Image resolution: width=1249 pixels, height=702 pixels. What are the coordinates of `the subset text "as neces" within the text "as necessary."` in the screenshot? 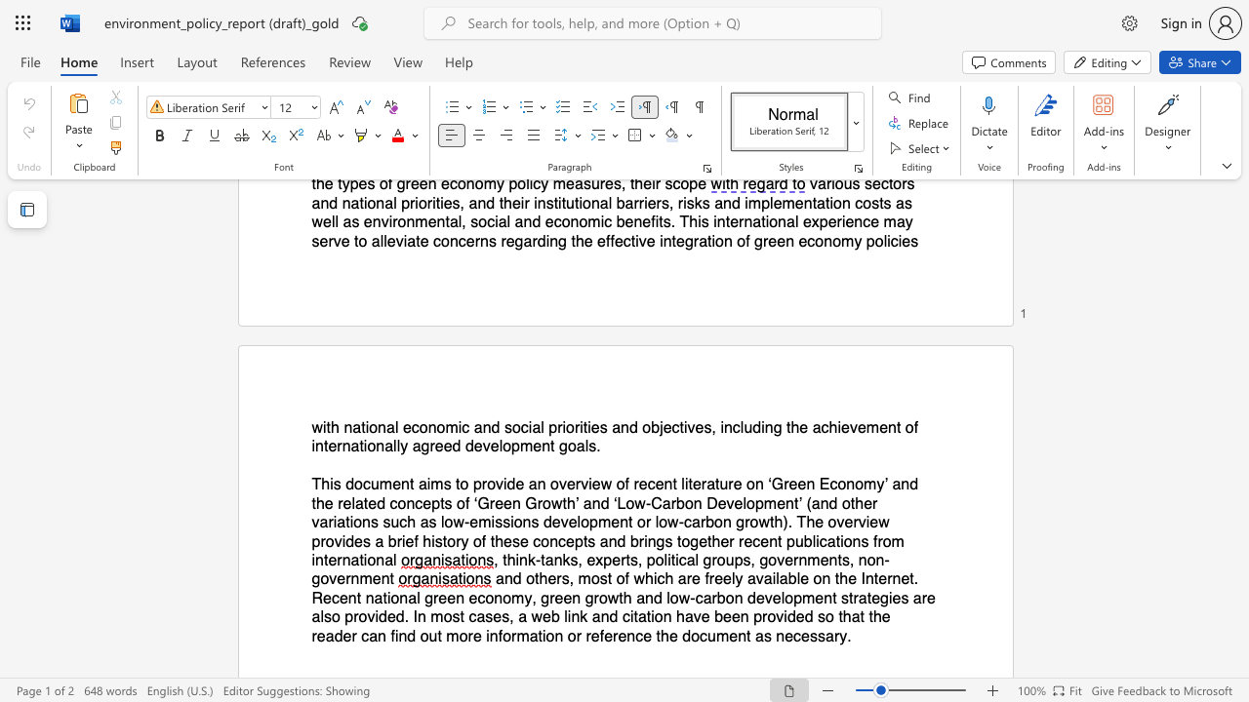 It's located at (754, 636).